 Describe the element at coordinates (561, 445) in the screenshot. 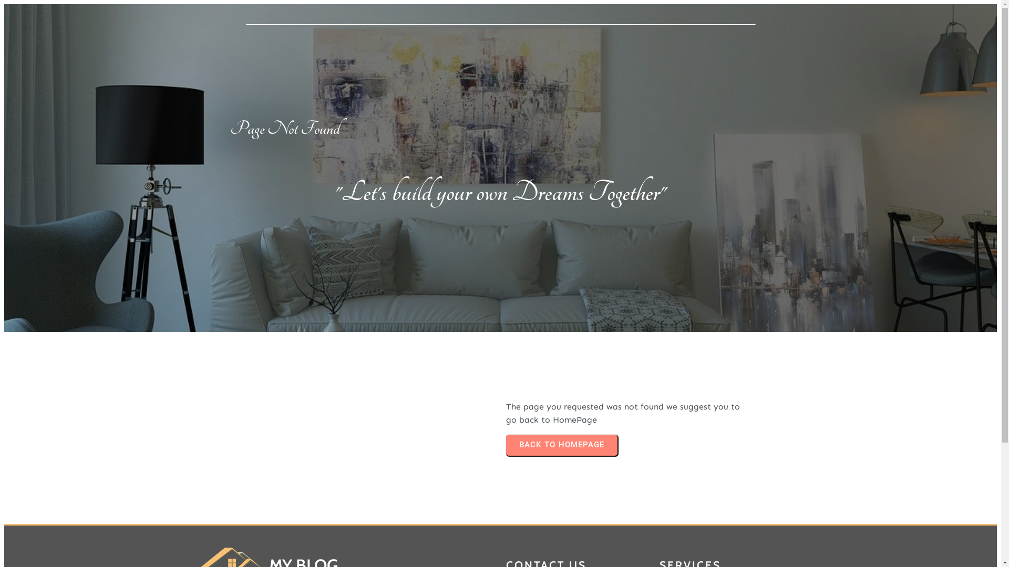

I see `'BACK TO HOMEPAGE'` at that location.